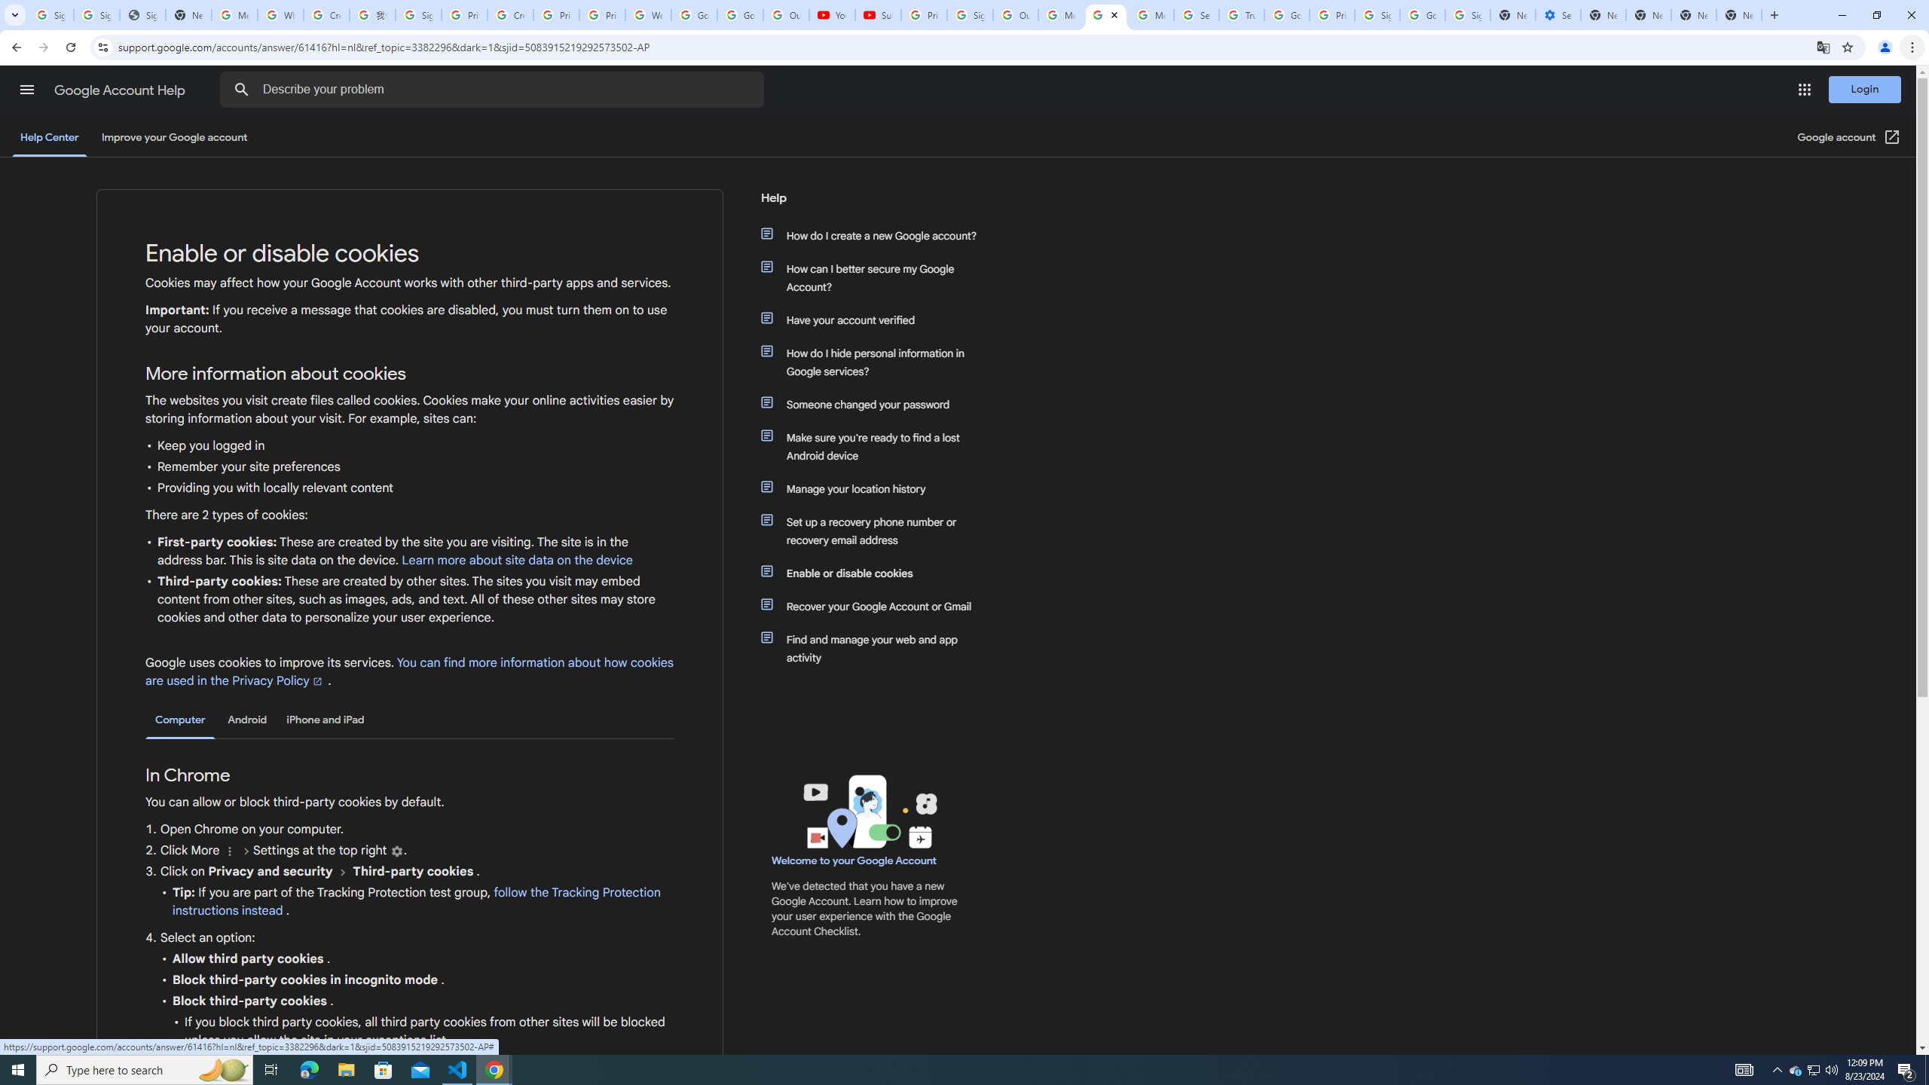 The image size is (1929, 1085). Describe the element at coordinates (876, 530) in the screenshot. I see `'Set up a recovery phone number or recovery email address'` at that location.